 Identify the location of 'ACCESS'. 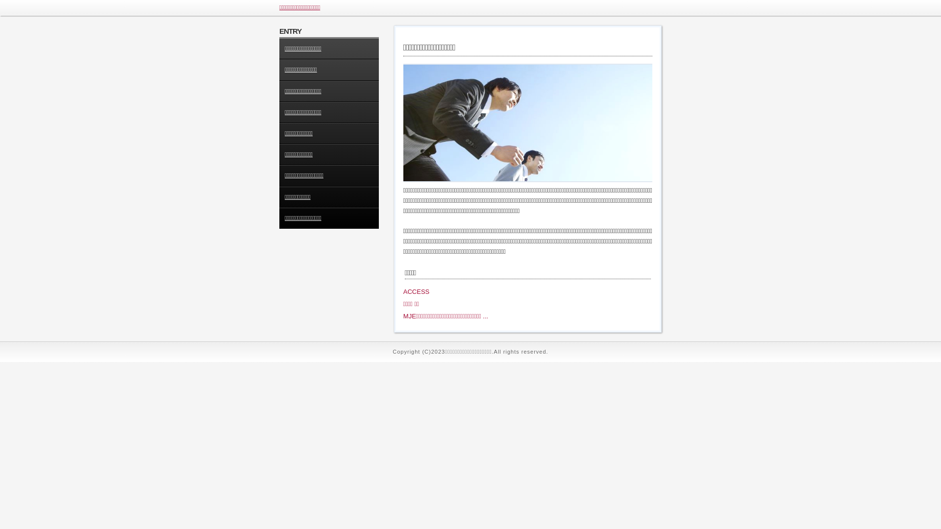
(416, 291).